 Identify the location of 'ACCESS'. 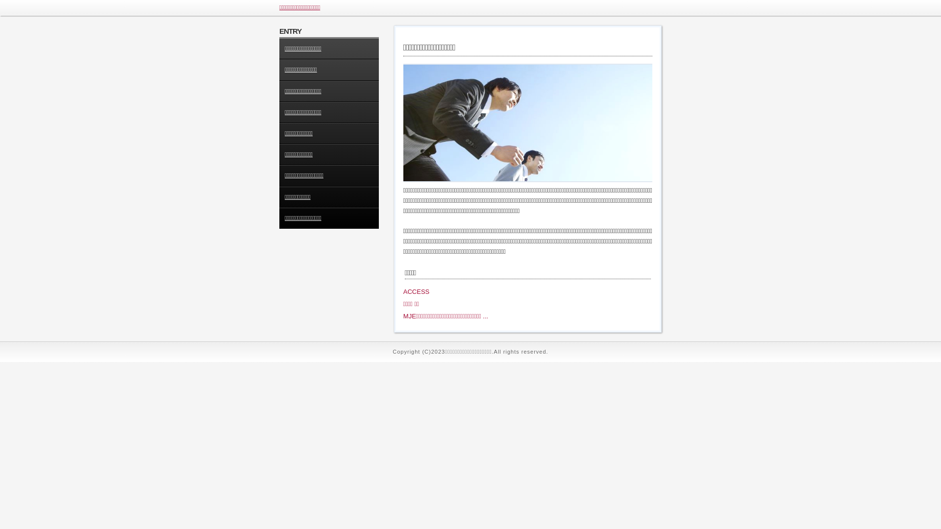
(416, 291).